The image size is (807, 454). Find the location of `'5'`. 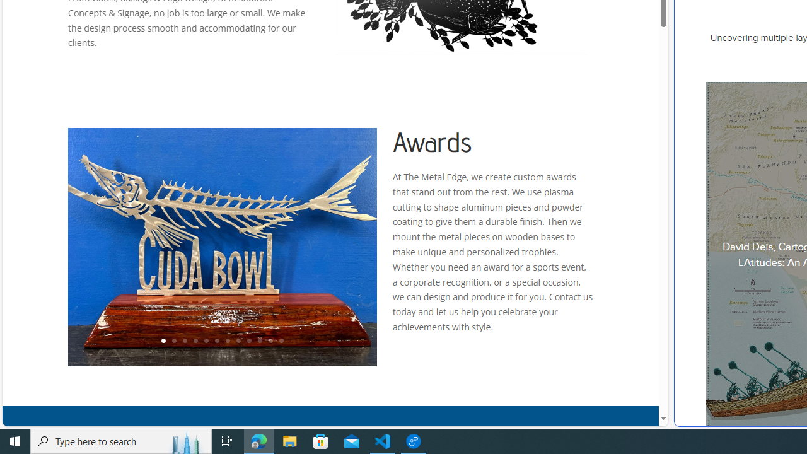

'5' is located at coordinates (206, 341).